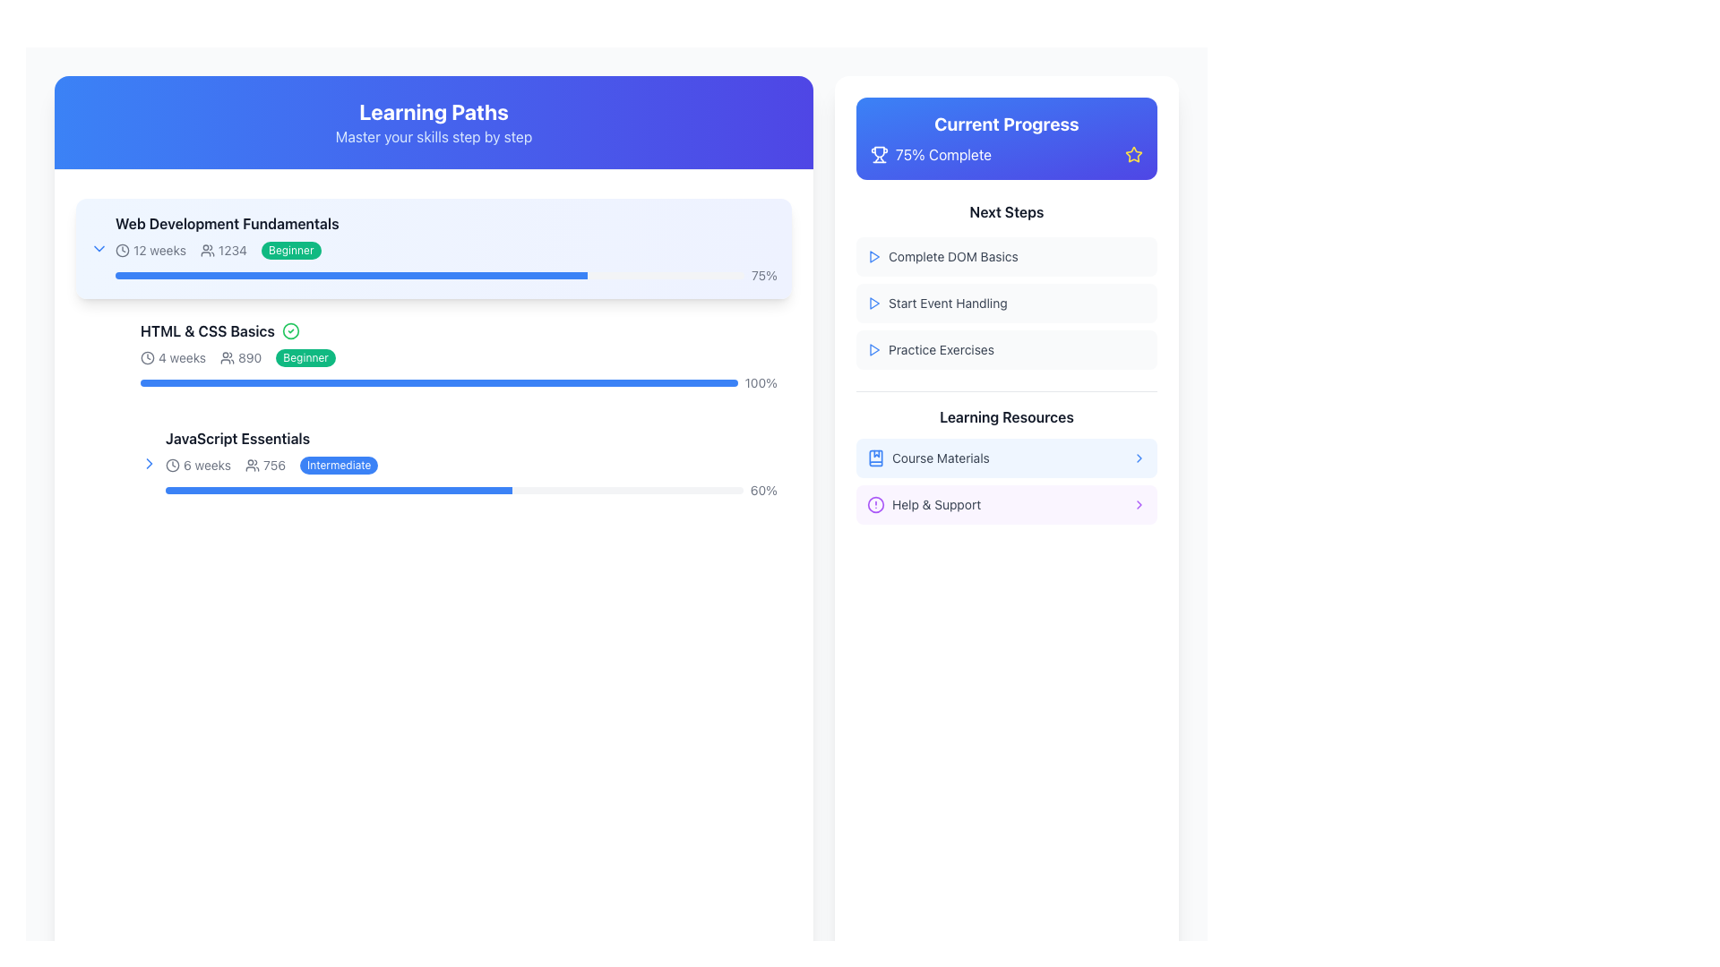  Describe the element at coordinates (935, 504) in the screenshot. I see `the text label located at the bottom right of the interface, under the 'Learning Resources' section, which describes a link or button for help and support features` at that location.